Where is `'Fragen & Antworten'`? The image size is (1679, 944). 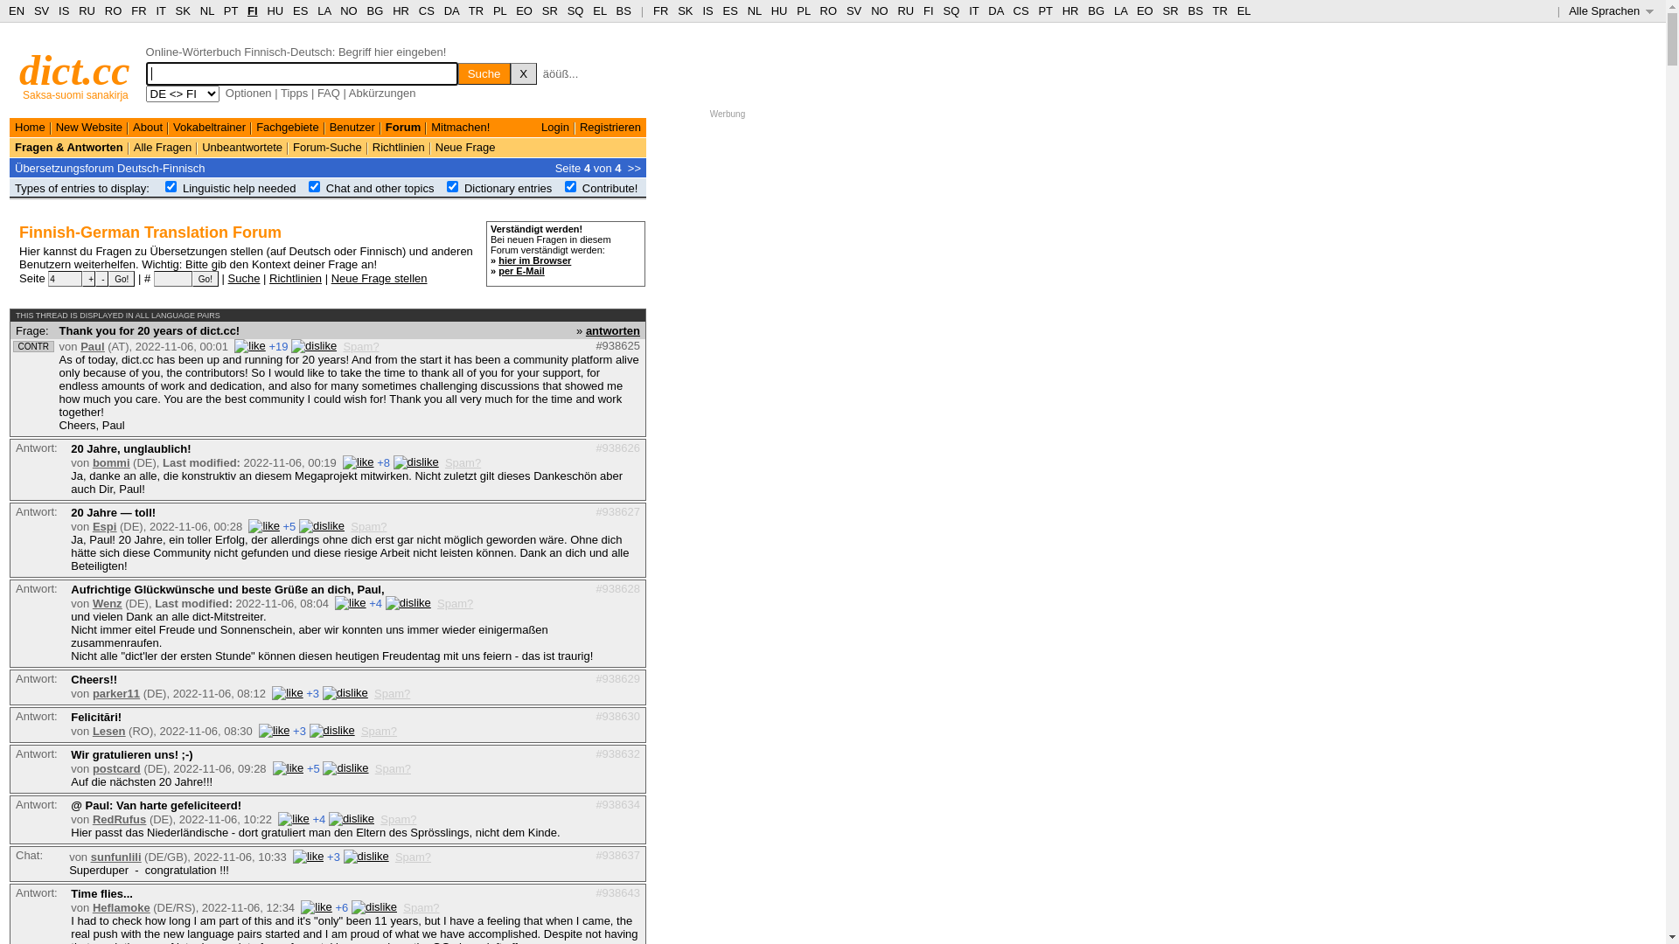 'Fragen & Antworten' is located at coordinates (68, 146).